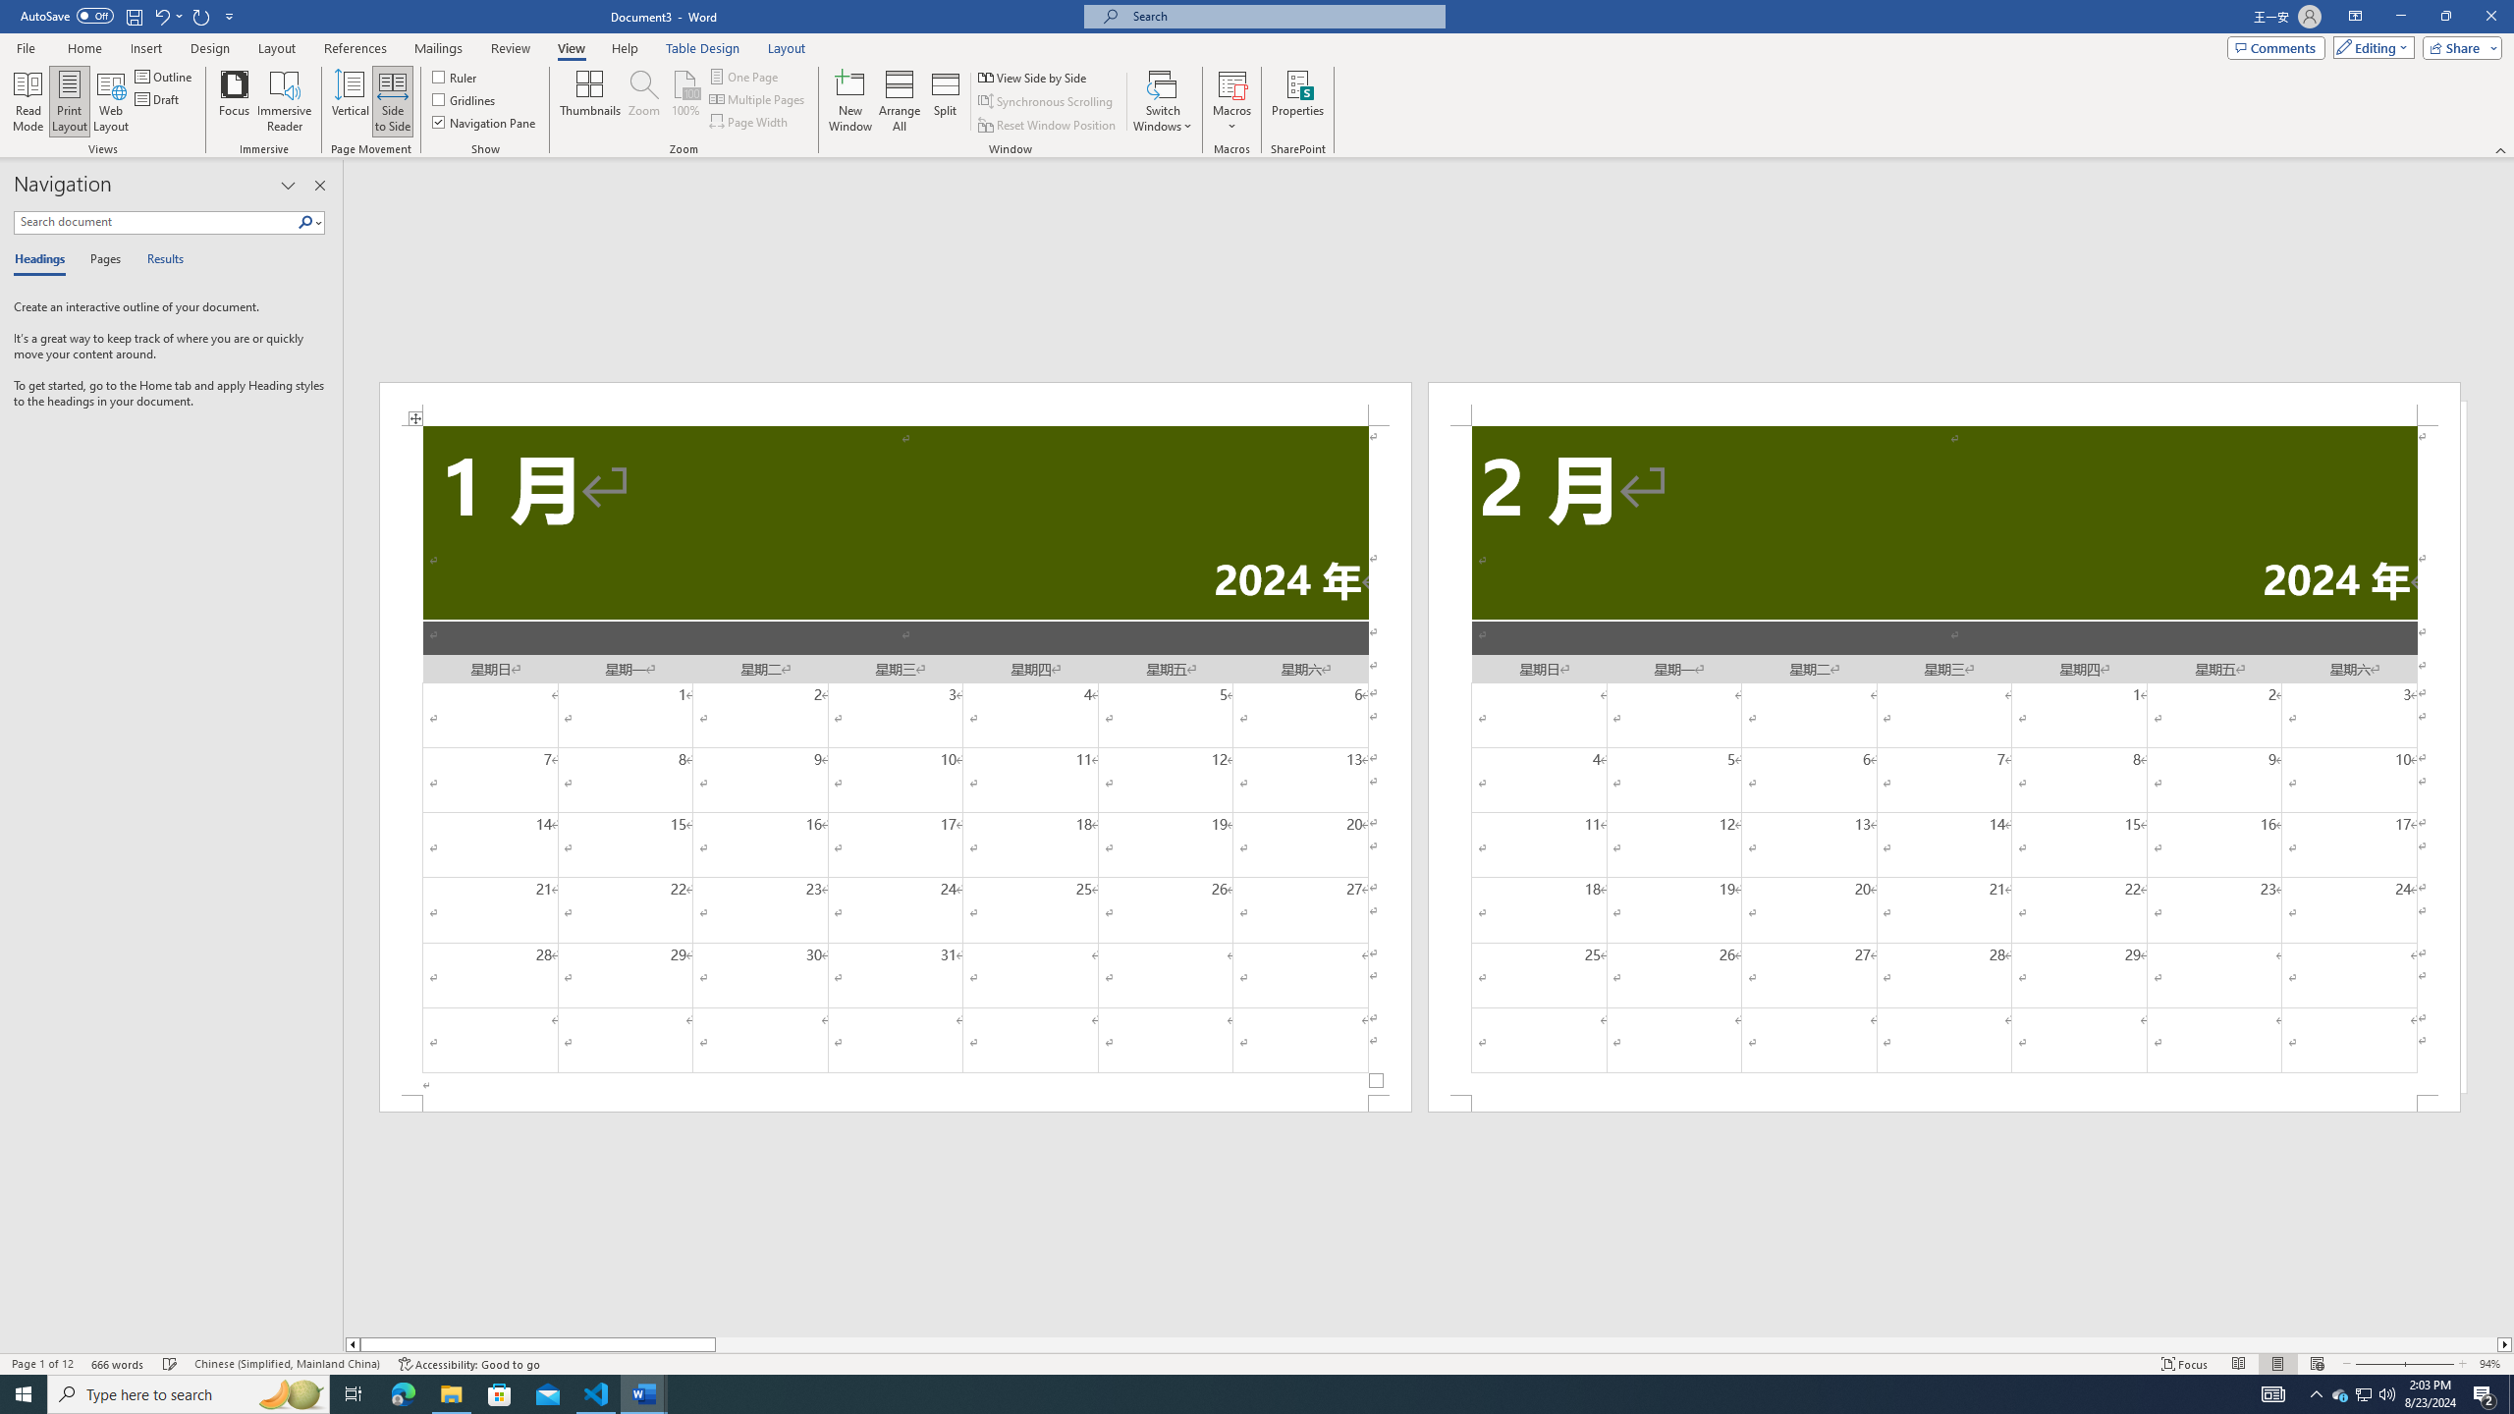 The height and width of the screenshot is (1414, 2514). What do you see at coordinates (759, 97) in the screenshot?
I see `'Multiple Pages'` at bounding box center [759, 97].